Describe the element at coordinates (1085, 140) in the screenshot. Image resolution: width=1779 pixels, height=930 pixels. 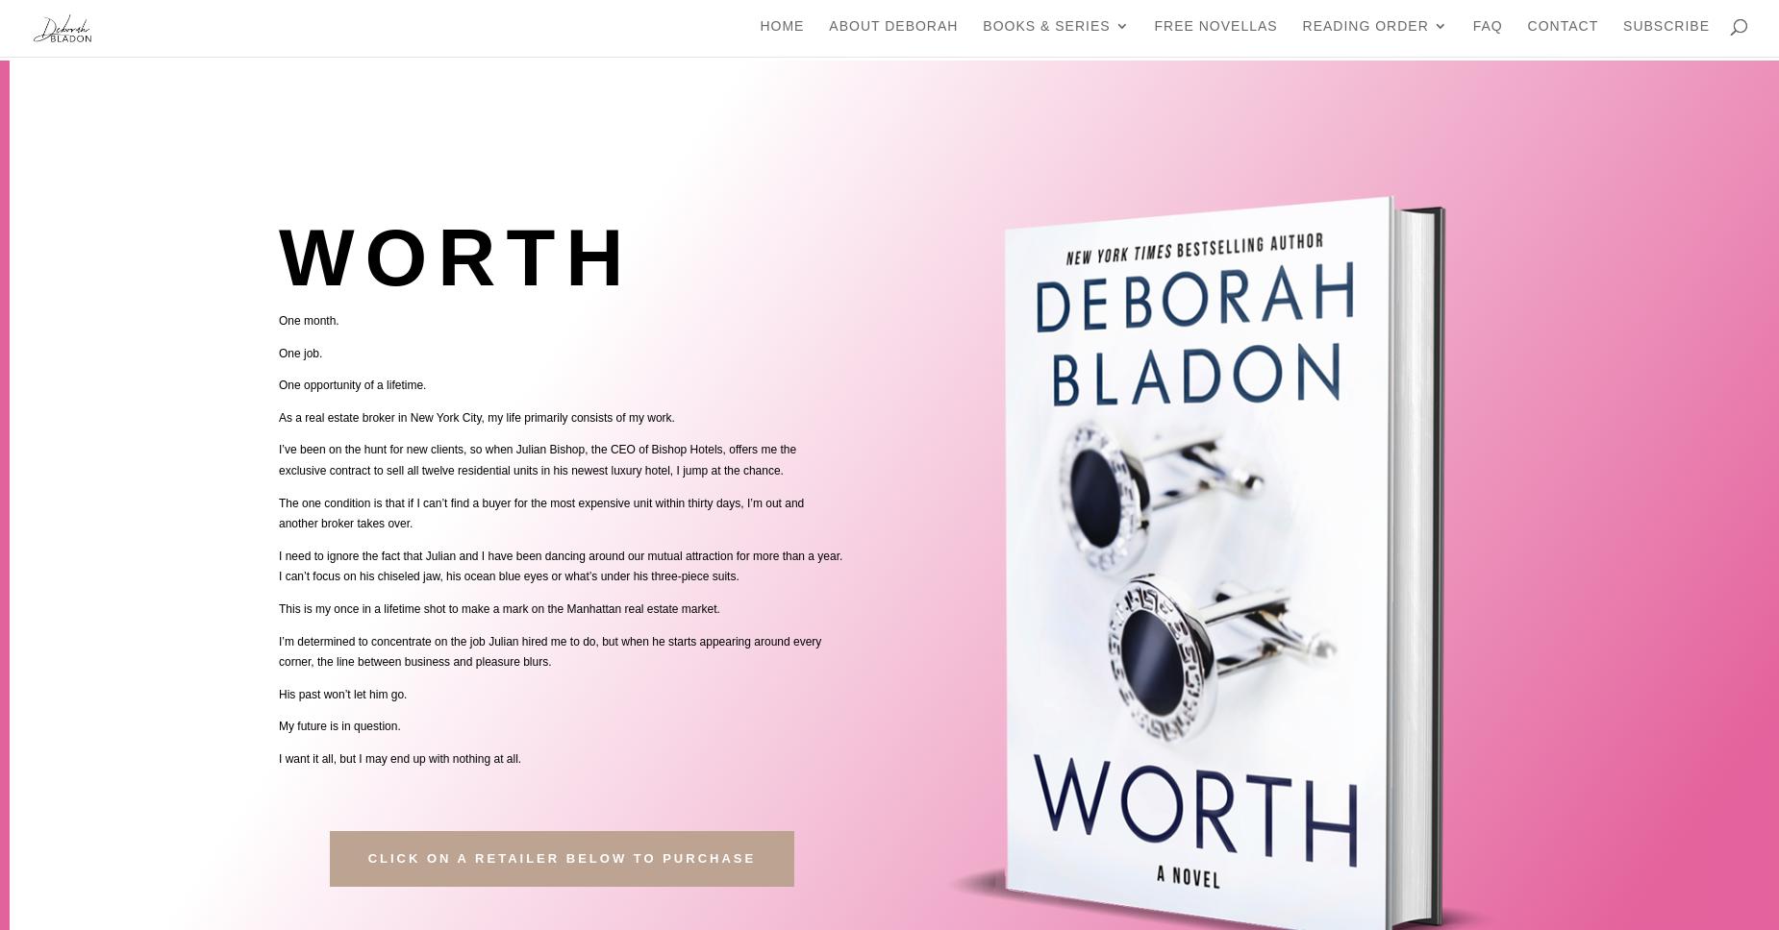
I see `'Original Series'` at that location.